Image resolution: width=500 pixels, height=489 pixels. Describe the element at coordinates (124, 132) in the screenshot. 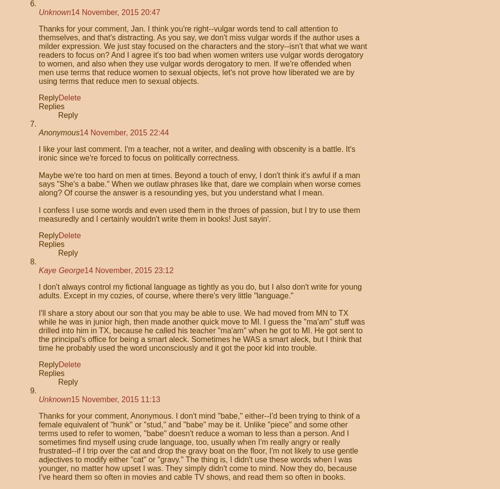

I see `'14 November, 2015 22:44'` at that location.